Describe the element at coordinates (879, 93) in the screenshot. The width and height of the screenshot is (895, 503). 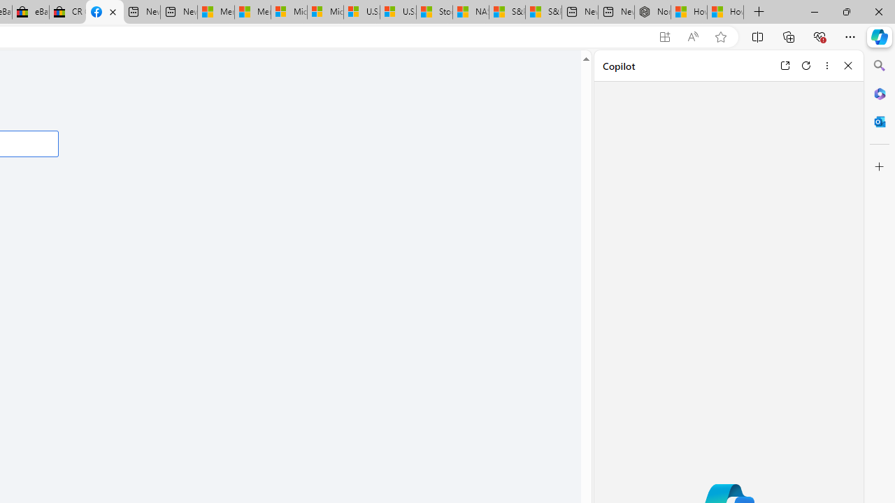
I see `'Microsoft 365'` at that location.